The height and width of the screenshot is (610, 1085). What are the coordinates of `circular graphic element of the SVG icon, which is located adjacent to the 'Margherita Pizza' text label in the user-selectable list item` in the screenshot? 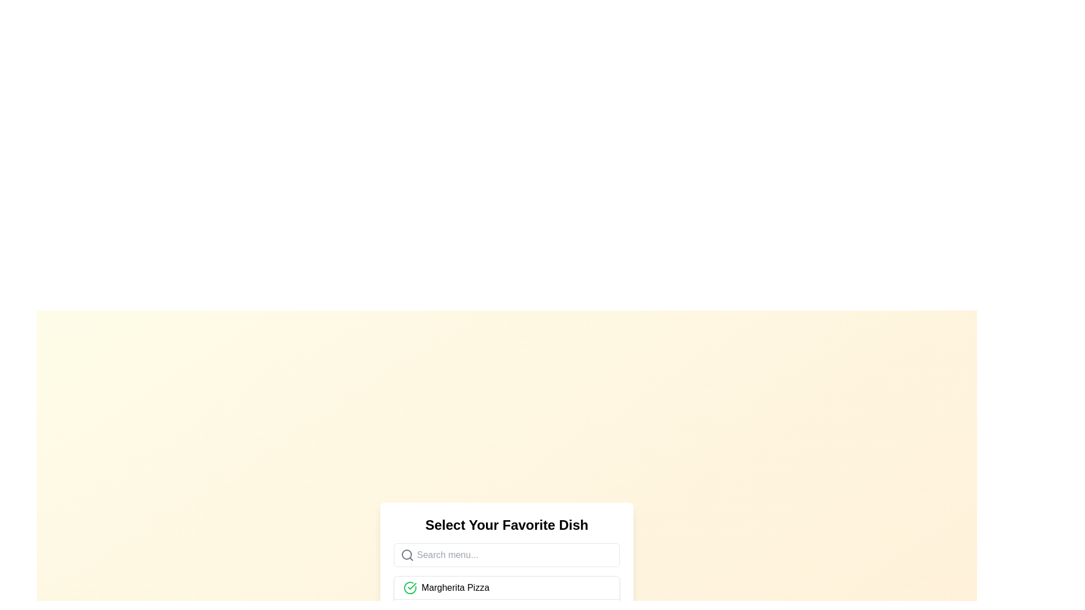 It's located at (409, 587).